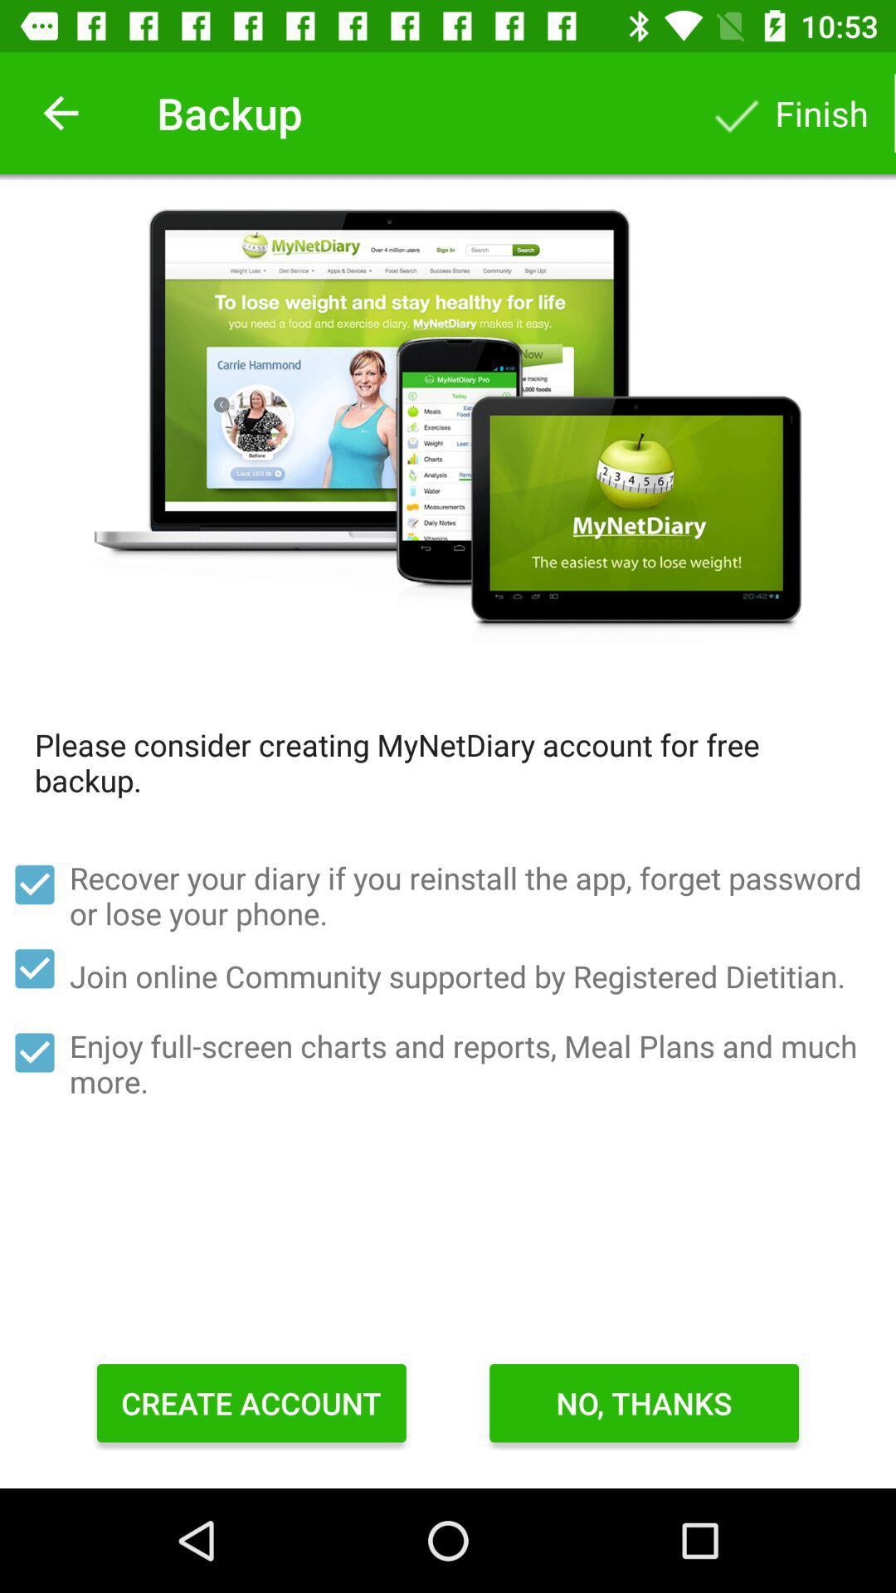 This screenshot has height=1593, width=896. I want to click on the icon to the left of no, thanks item, so click(251, 1402).